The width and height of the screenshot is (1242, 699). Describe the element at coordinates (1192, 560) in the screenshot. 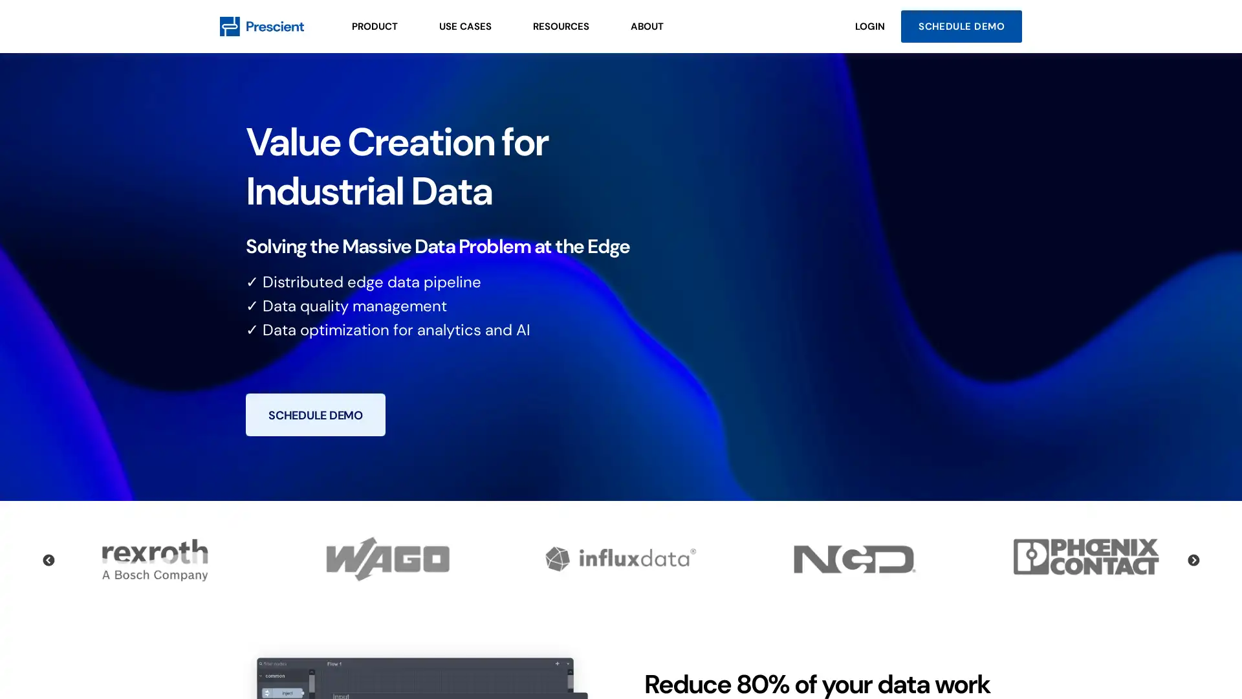

I see `Next` at that location.